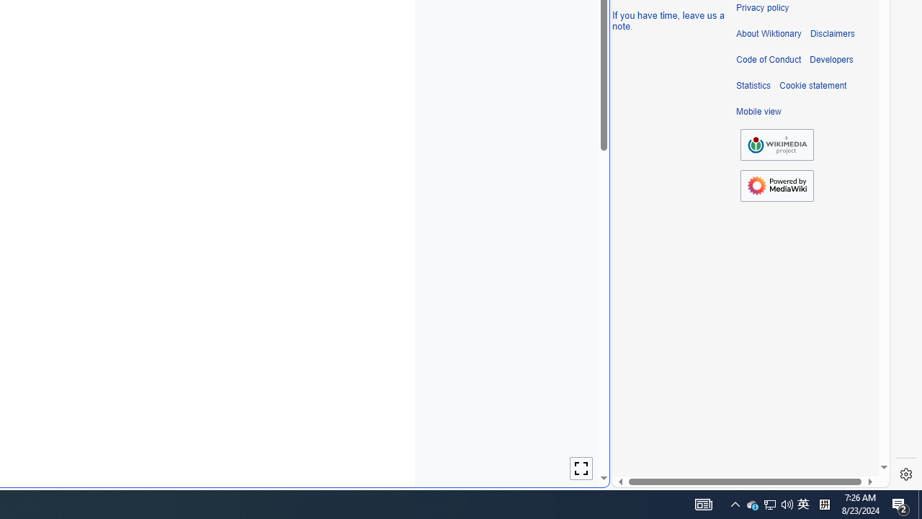 The height and width of the screenshot is (519, 922). I want to click on 'Mobile view', so click(758, 111).